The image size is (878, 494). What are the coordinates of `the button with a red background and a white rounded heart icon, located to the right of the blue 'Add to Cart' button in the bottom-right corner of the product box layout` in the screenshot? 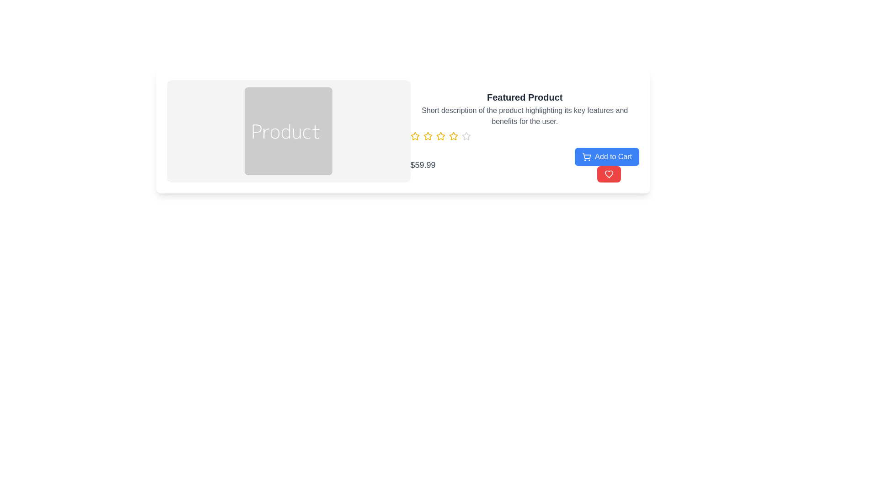 It's located at (609, 174).